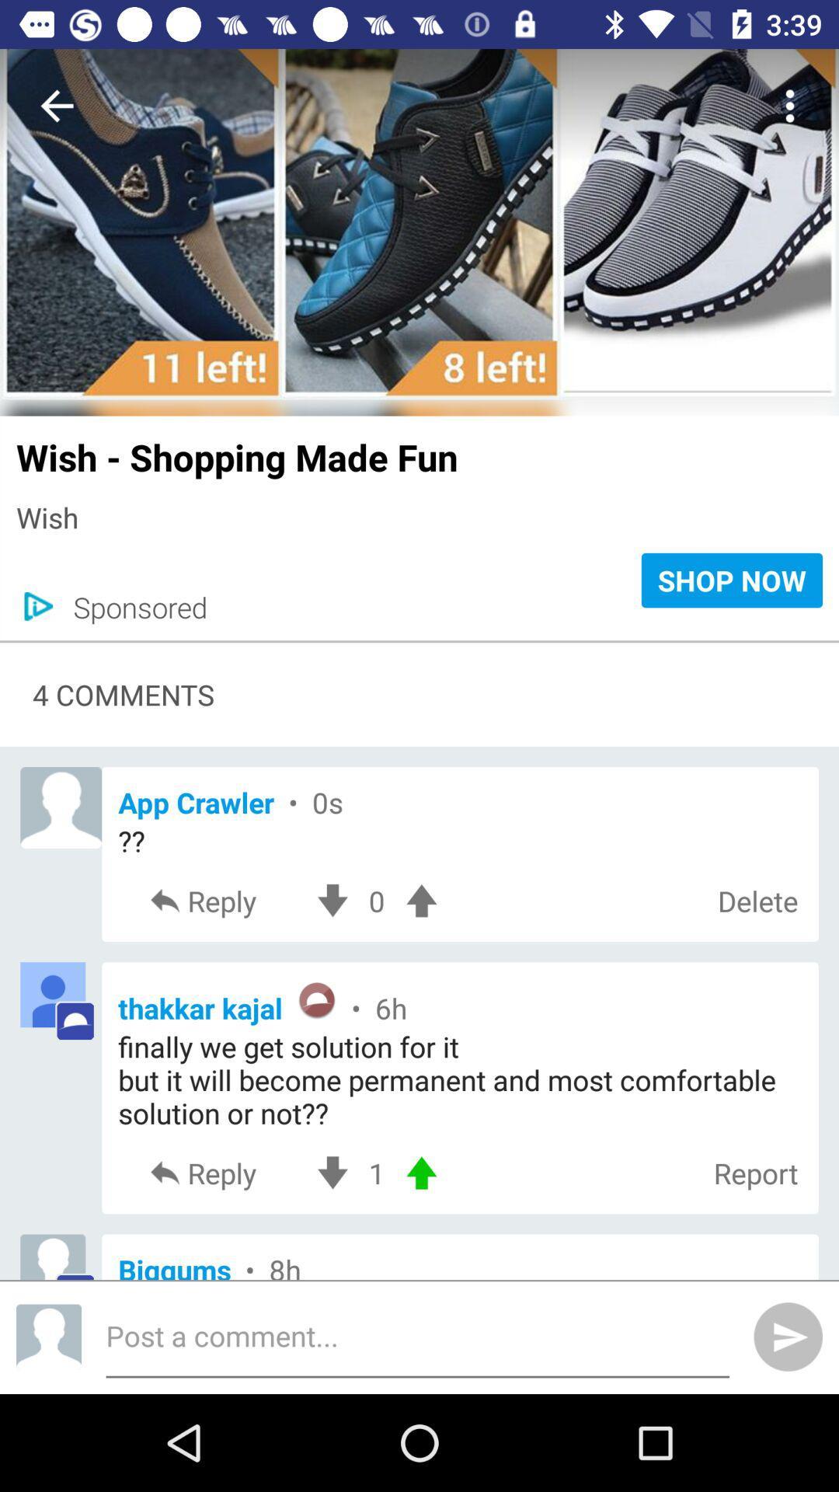 This screenshot has width=839, height=1492. Describe the element at coordinates (131, 606) in the screenshot. I see `icon next to shop now icon` at that location.